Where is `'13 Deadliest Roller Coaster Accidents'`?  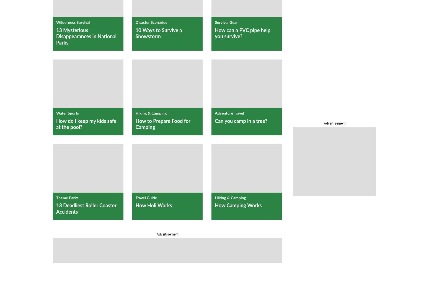
'13 Deadliest Roller Coaster Accidents' is located at coordinates (86, 208).